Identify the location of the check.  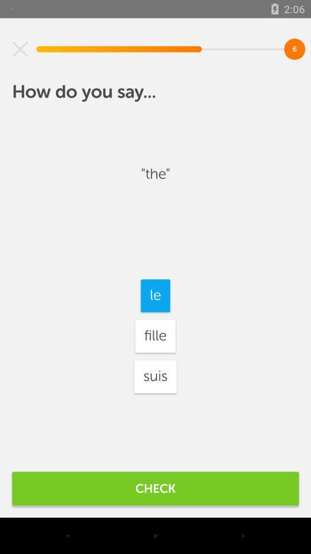
(155, 488).